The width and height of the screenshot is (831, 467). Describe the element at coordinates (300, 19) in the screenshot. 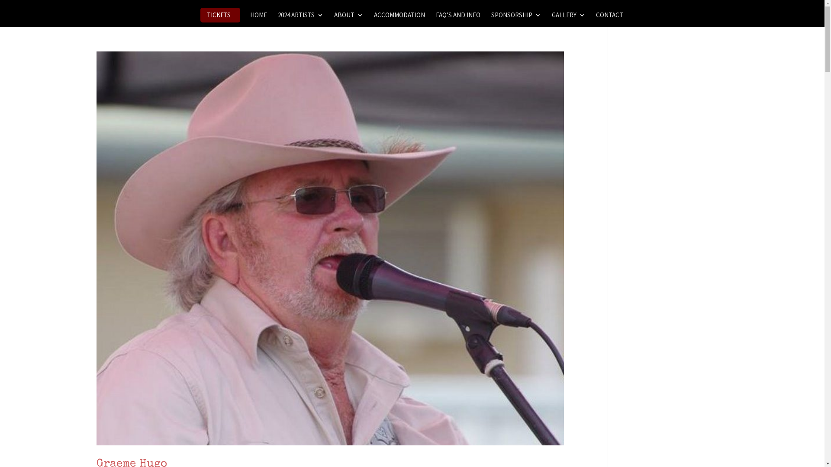

I see `'2024 ARTISTS'` at that location.